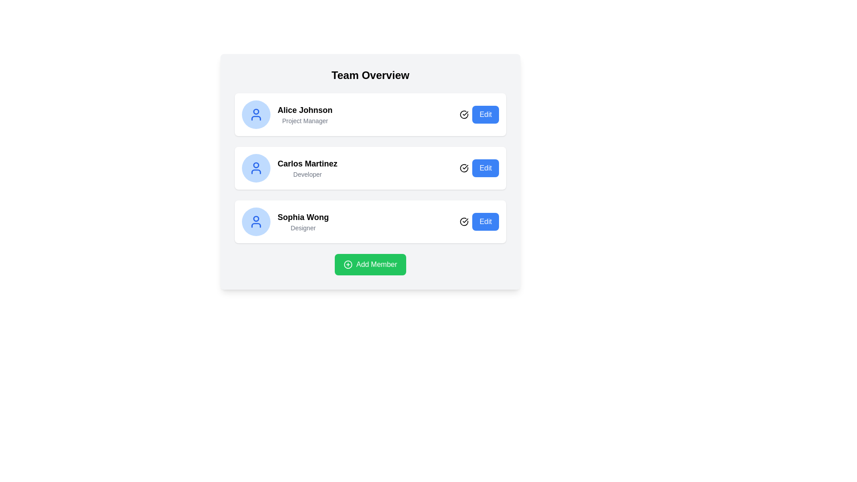  Describe the element at coordinates (464, 114) in the screenshot. I see `the SVG icon element indicating the activity status next to 'Carlos Martinez' in the user card list` at that location.